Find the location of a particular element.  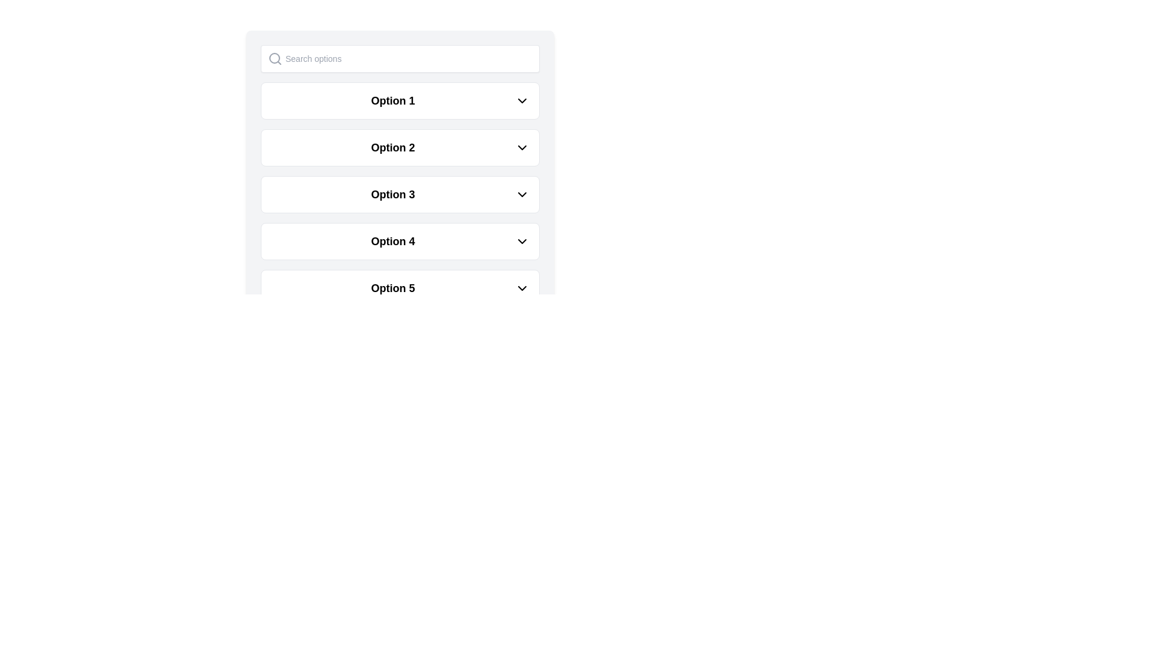

the downward-facing chevron icon located to the right of the text 'Option 1' is located at coordinates (522, 100).